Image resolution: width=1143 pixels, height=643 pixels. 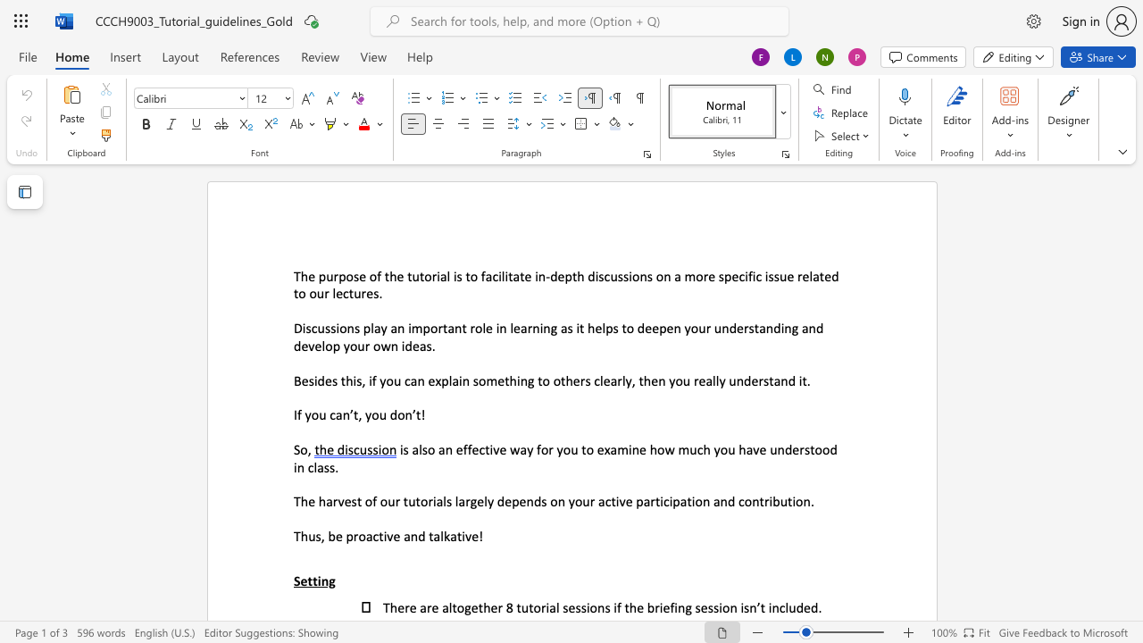 What do you see at coordinates (450, 535) in the screenshot?
I see `the space between the continuous character "k" and "a" in the text` at bounding box center [450, 535].